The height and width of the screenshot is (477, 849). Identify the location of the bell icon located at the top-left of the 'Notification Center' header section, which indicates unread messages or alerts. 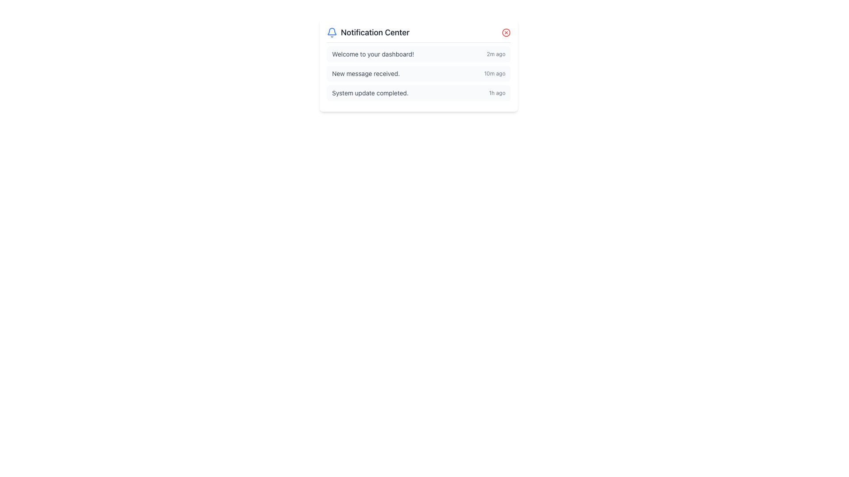
(331, 32).